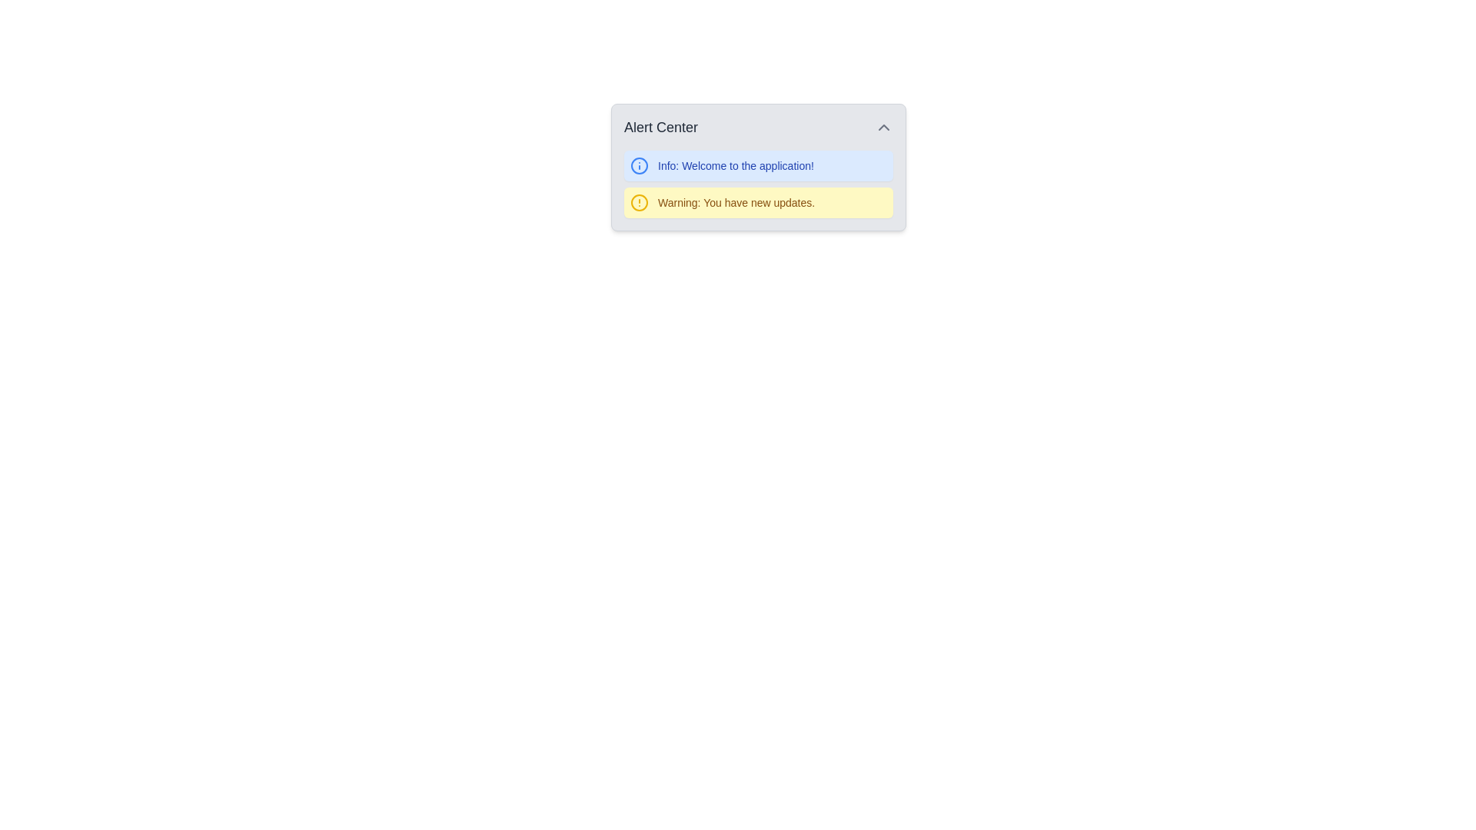 Image resolution: width=1476 pixels, height=830 pixels. I want to click on the SVG Circle Element that serves as the base of the informational alert icon, located to the left of the 'Info: Welcome to the application!' text in the alert center, so click(639, 166).